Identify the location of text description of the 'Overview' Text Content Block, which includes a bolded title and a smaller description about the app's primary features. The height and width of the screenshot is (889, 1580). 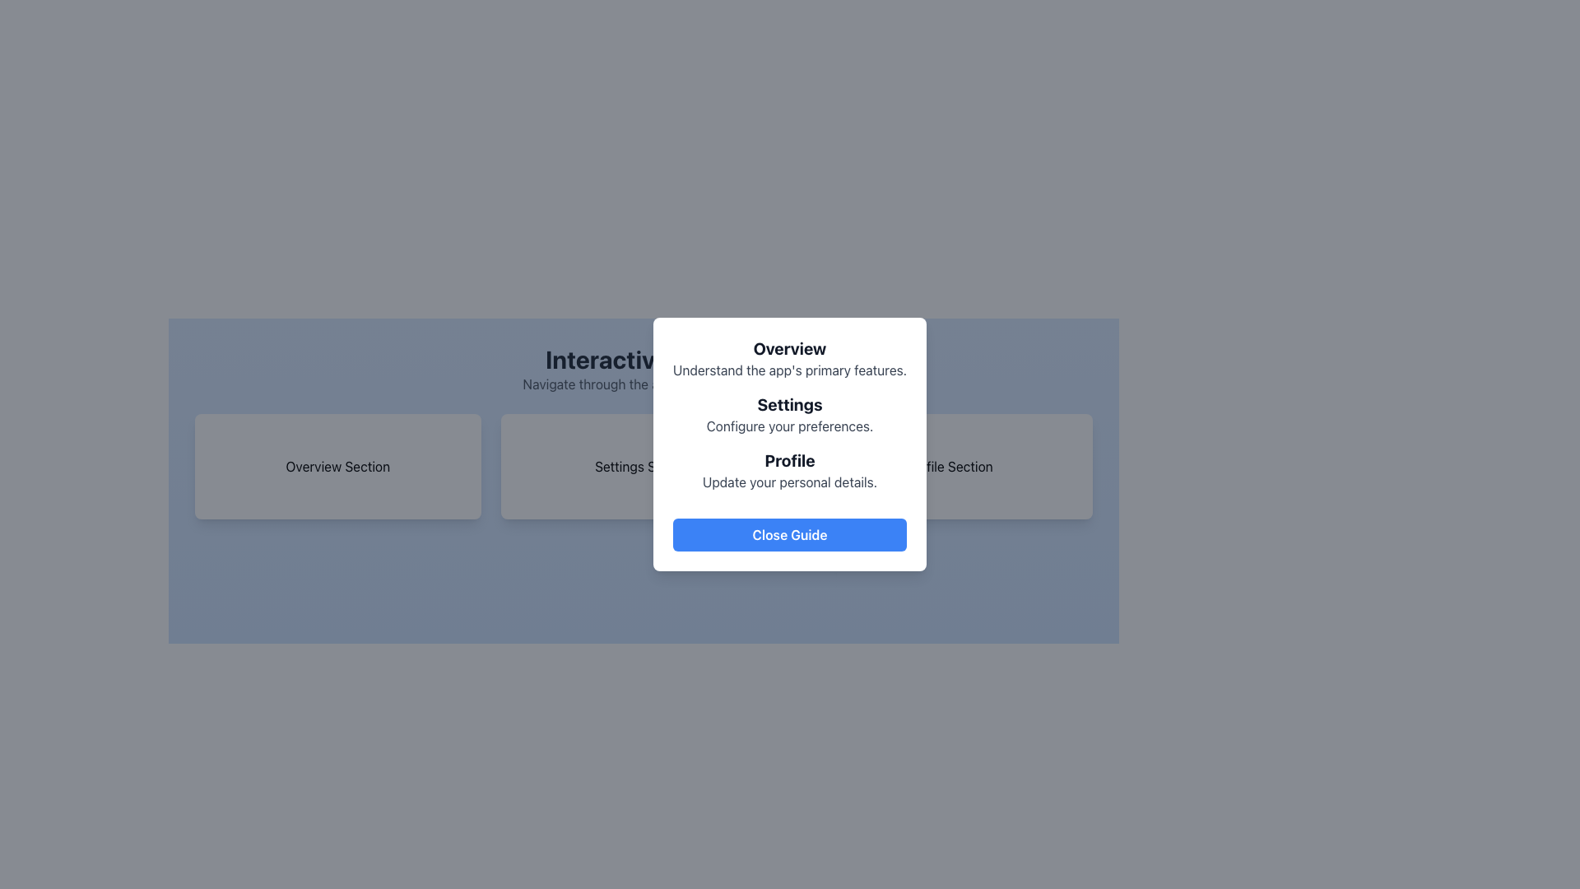
(790, 357).